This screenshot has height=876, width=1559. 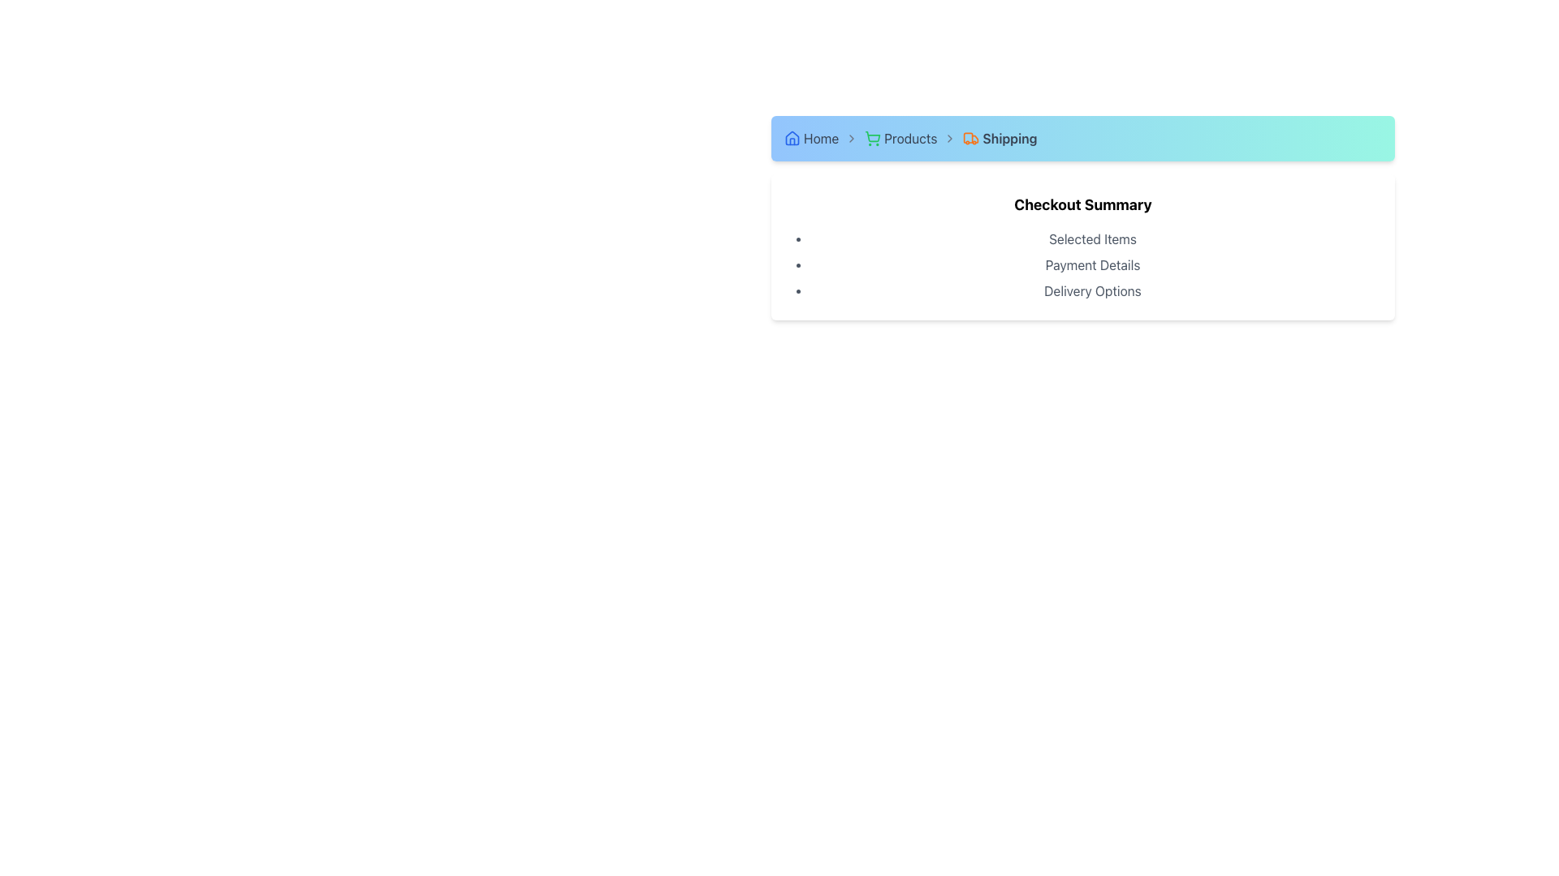 I want to click on the 'Selected Items' text label, which is styled in gray and appears as a bullet point under 'Checkout Summary', so click(x=1092, y=238).